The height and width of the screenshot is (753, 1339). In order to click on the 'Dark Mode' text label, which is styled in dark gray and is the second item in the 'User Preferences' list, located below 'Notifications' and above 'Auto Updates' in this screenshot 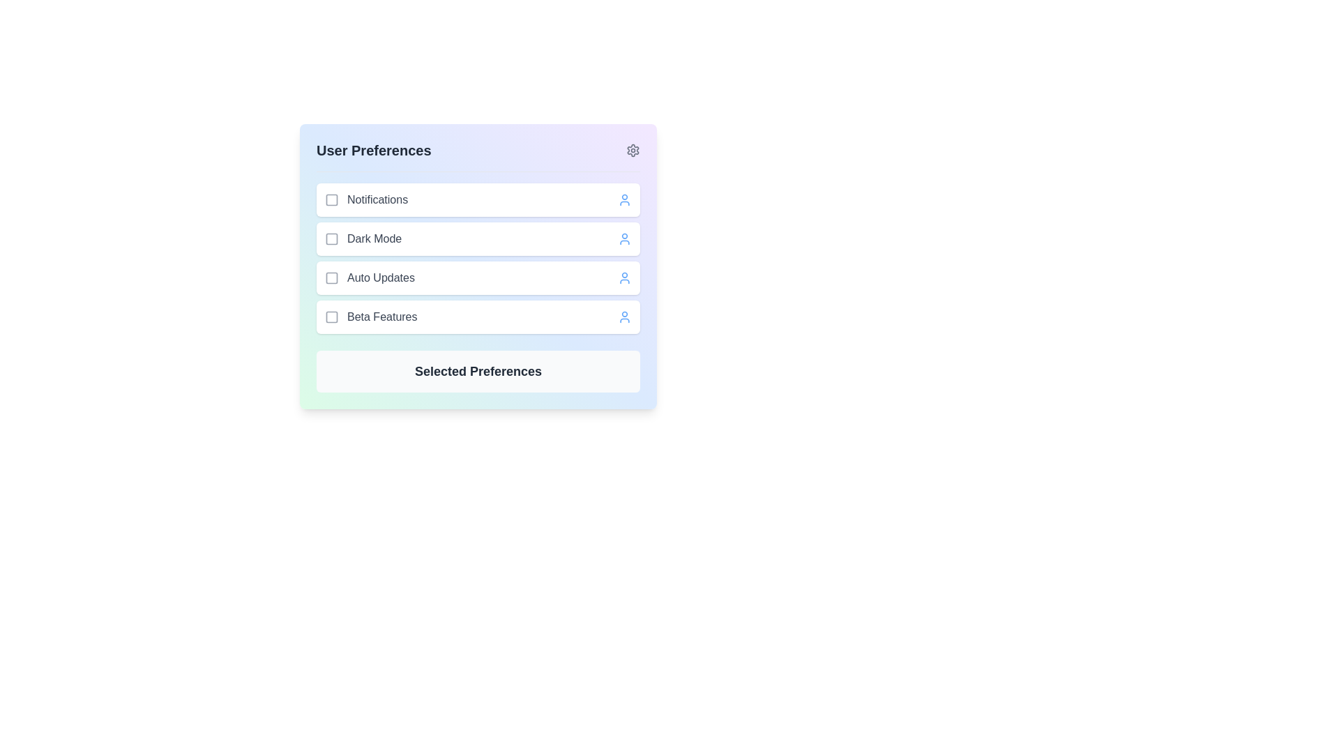, I will do `click(363, 238)`.